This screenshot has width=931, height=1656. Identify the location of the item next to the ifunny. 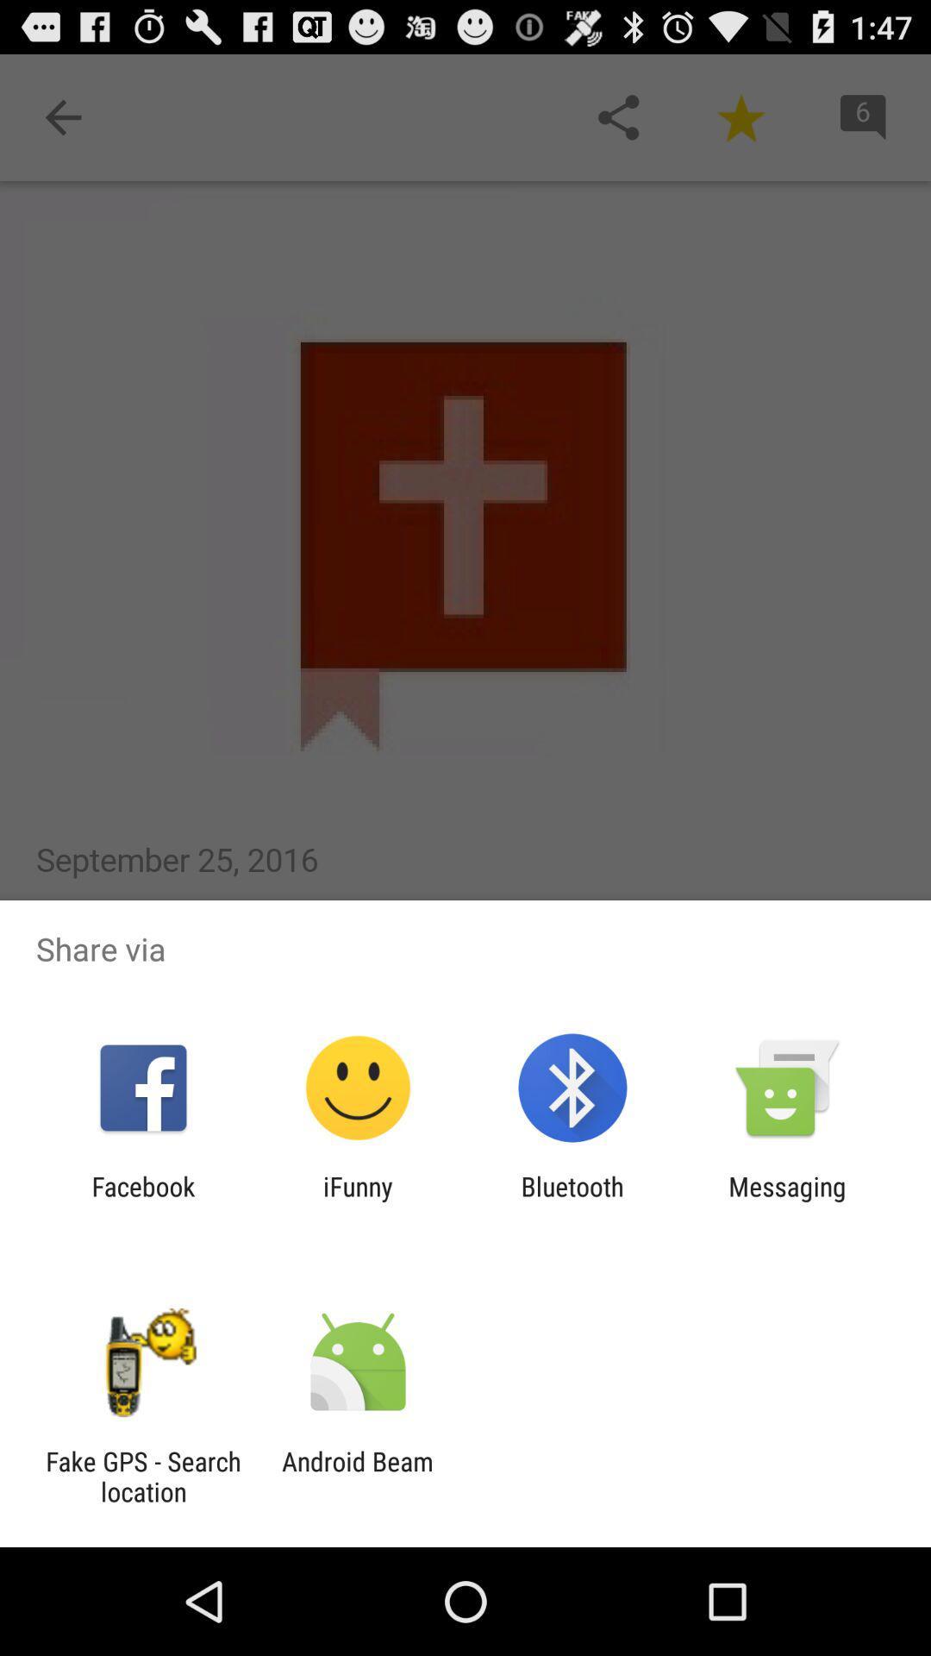
(142, 1201).